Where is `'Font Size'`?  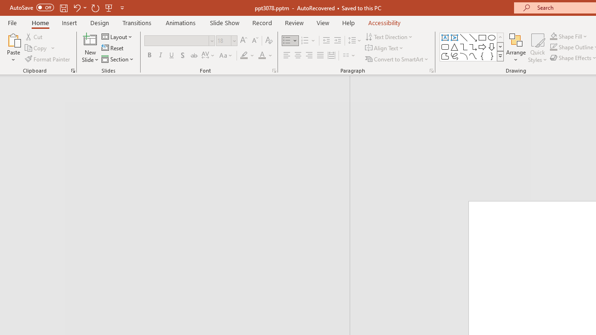
'Font Size' is located at coordinates (223, 40).